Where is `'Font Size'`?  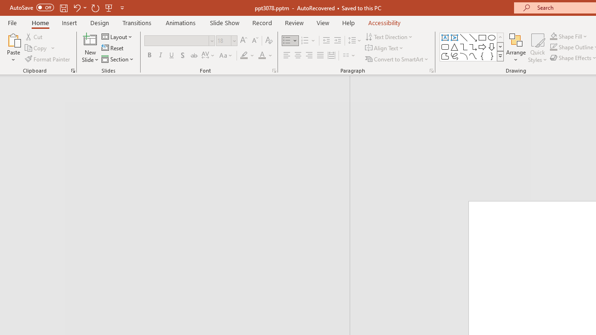
'Font Size' is located at coordinates (223, 40).